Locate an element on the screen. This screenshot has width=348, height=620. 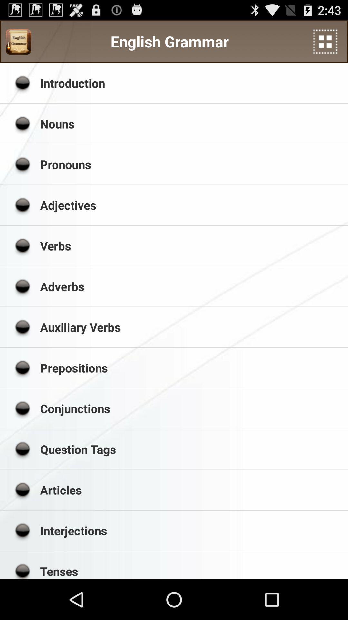
app next to english grammar is located at coordinates (18, 41).